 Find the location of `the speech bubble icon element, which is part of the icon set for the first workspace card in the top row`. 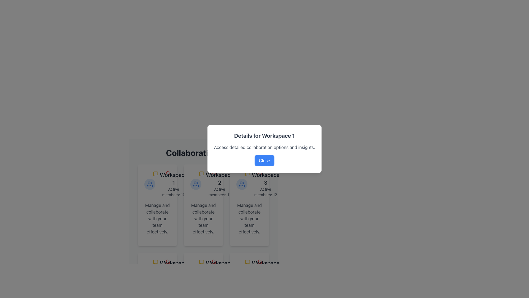

the speech bubble icon element, which is part of the icon set for the first workspace card in the top row is located at coordinates (201, 173).